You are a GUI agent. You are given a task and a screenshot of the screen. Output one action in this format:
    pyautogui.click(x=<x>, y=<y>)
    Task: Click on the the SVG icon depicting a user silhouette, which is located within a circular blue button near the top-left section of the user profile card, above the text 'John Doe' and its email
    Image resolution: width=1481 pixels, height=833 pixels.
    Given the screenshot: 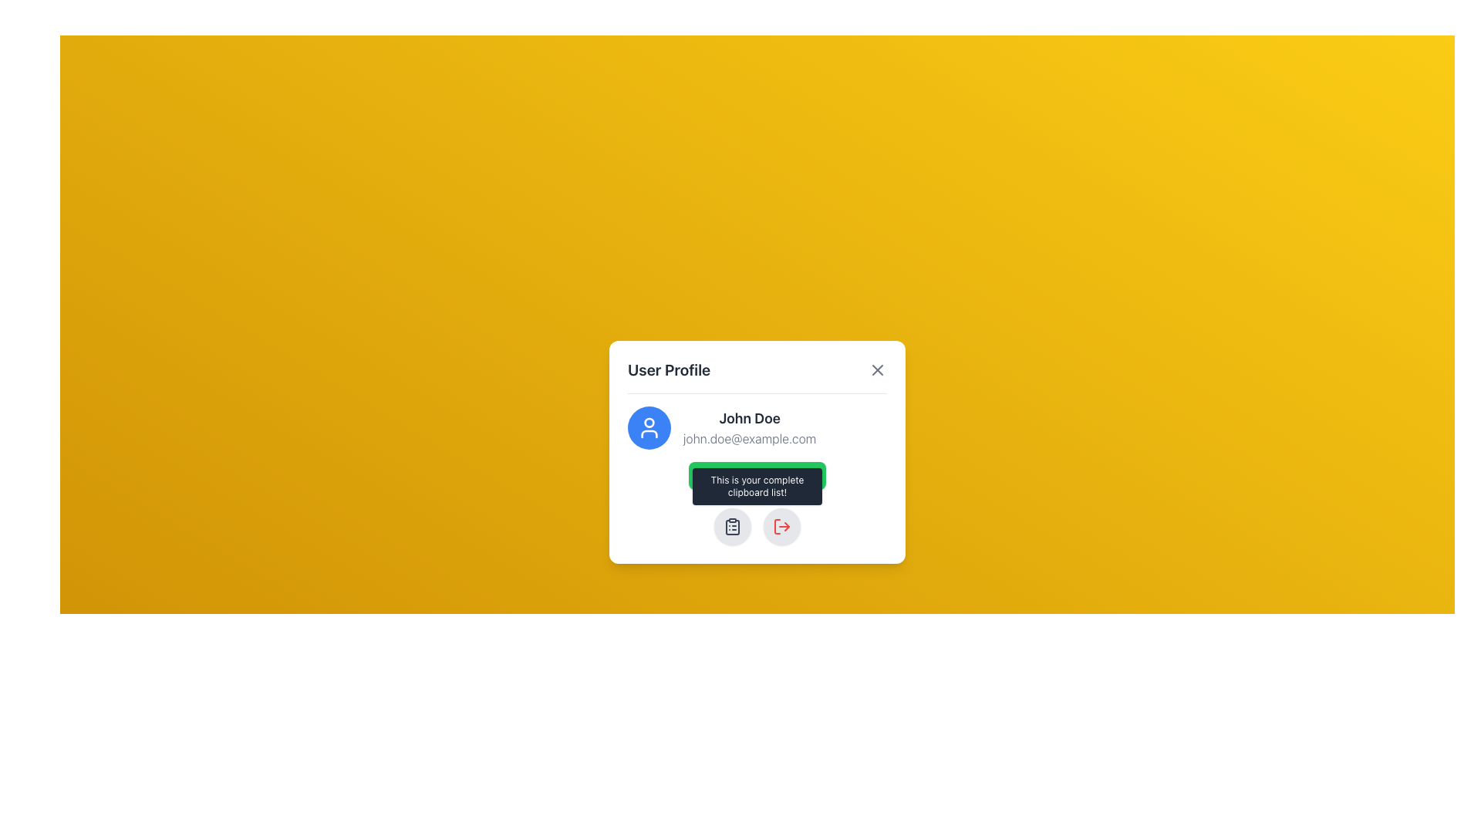 What is the action you would take?
    pyautogui.click(x=649, y=427)
    